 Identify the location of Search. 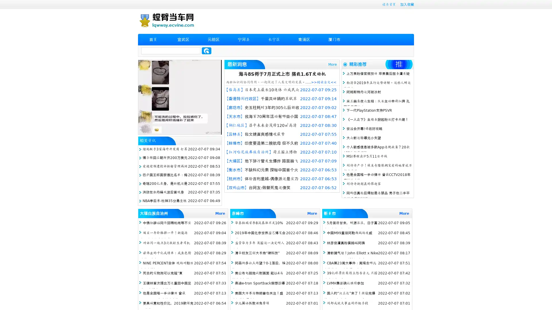
(206, 51).